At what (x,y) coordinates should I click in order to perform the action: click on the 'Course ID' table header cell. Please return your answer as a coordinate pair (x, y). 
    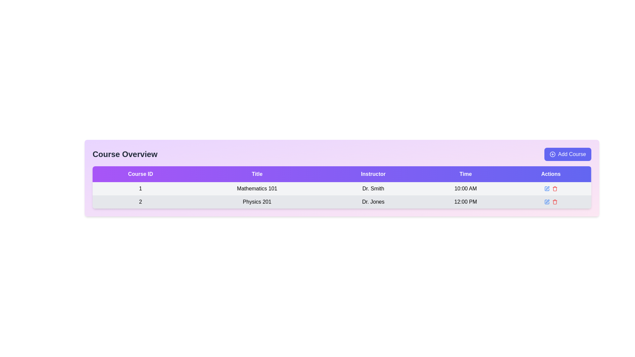
    Looking at the image, I should click on (140, 174).